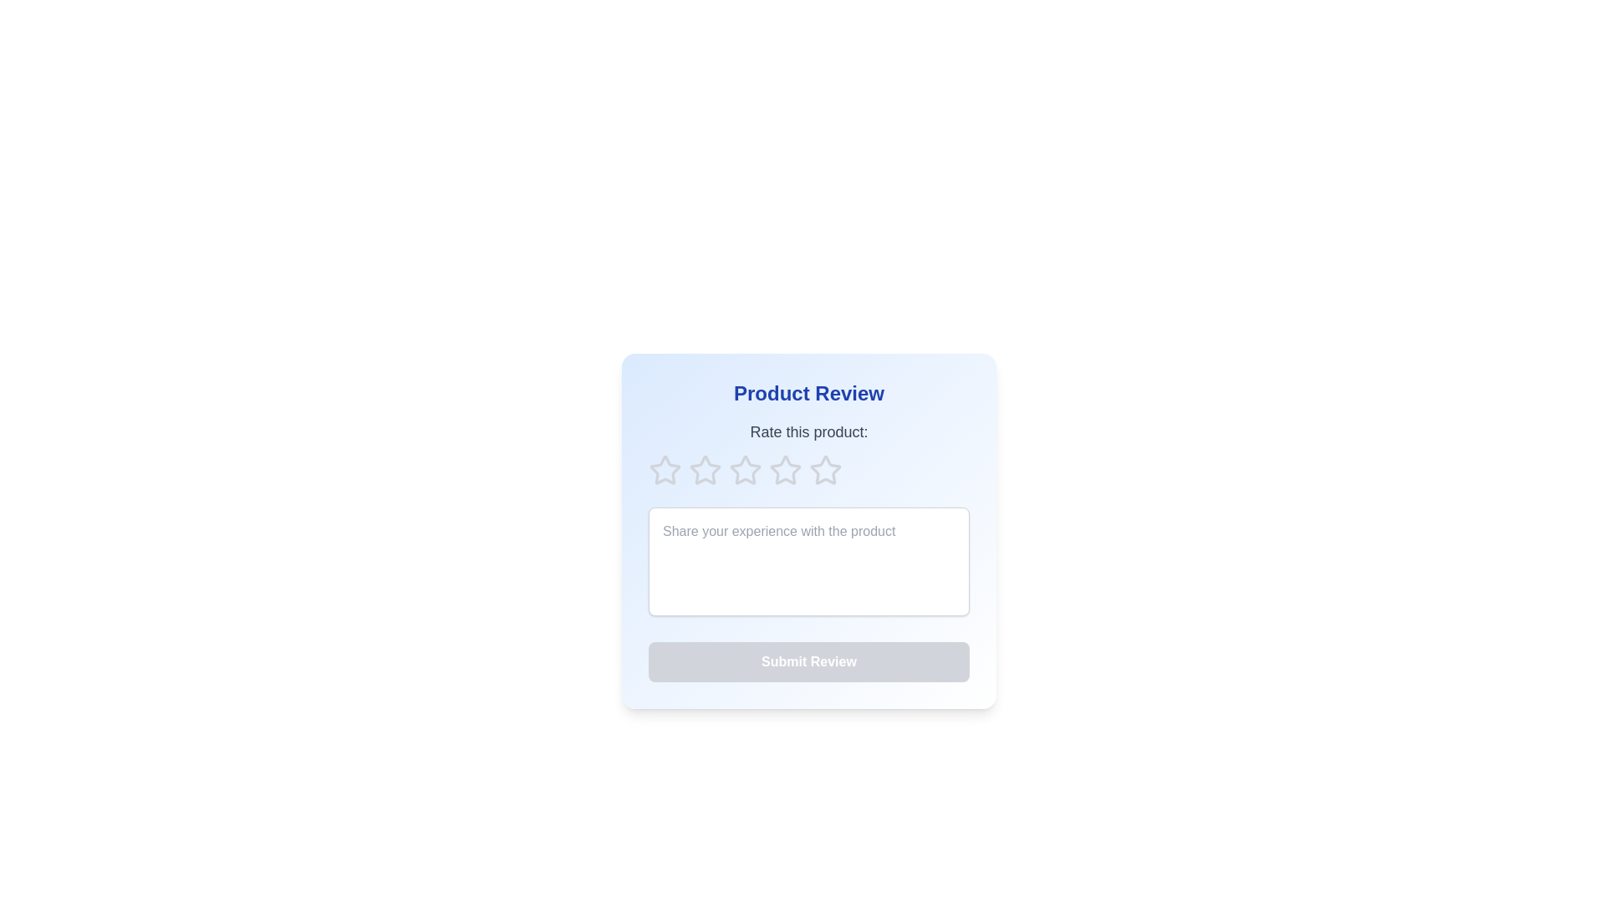 The width and height of the screenshot is (1605, 903). I want to click on the third star-shaped rating icon, which has a light gray outline and a transparent interior, so click(826, 470).